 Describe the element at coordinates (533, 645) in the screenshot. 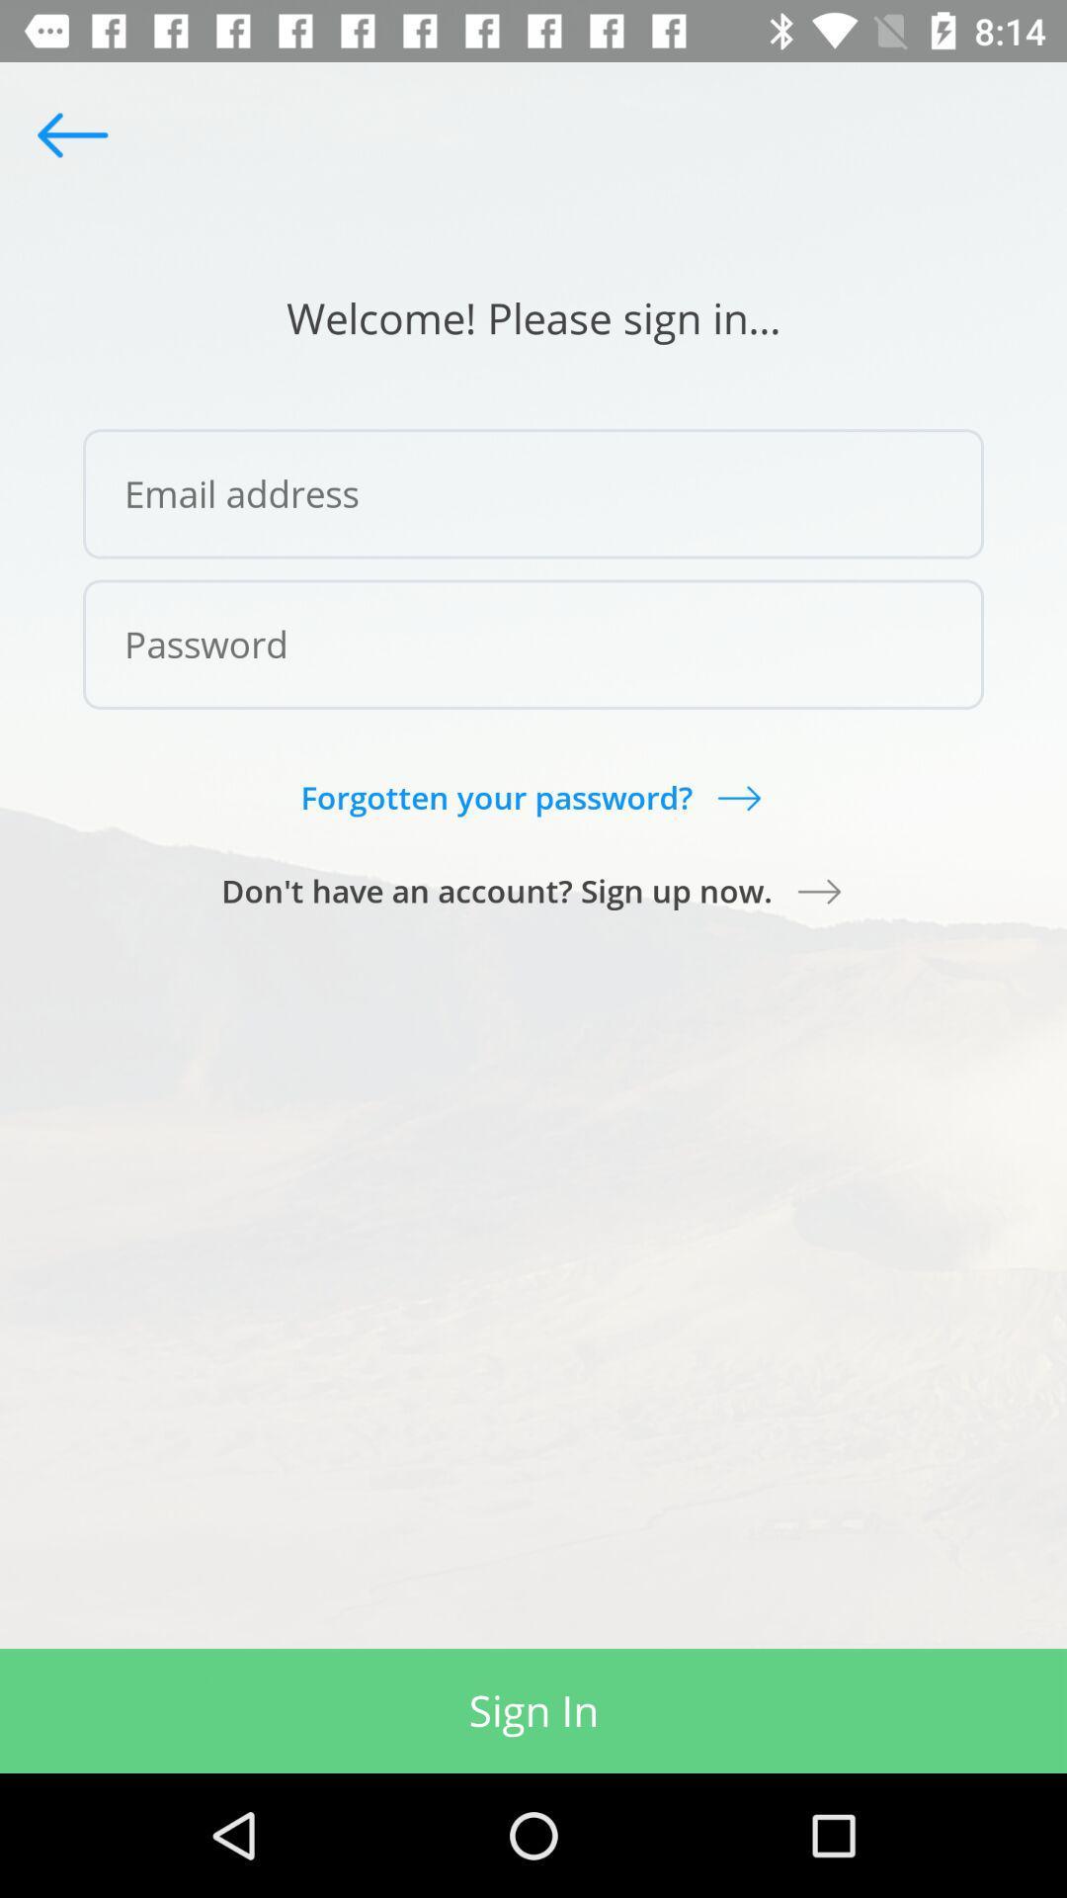

I see `icon above forgotten your password?` at that location.